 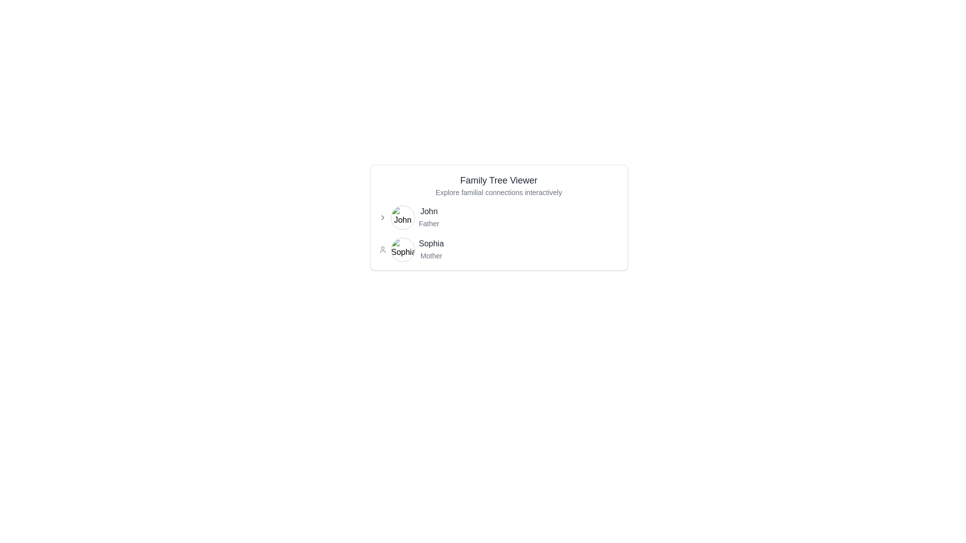 What do you see at coordinates (431, 243) in the screenshot?
I see `the text label representing the name 'Sophia' in the family tree viewer, which is located in the 'Mother' group` at bounding box center [431, 243].